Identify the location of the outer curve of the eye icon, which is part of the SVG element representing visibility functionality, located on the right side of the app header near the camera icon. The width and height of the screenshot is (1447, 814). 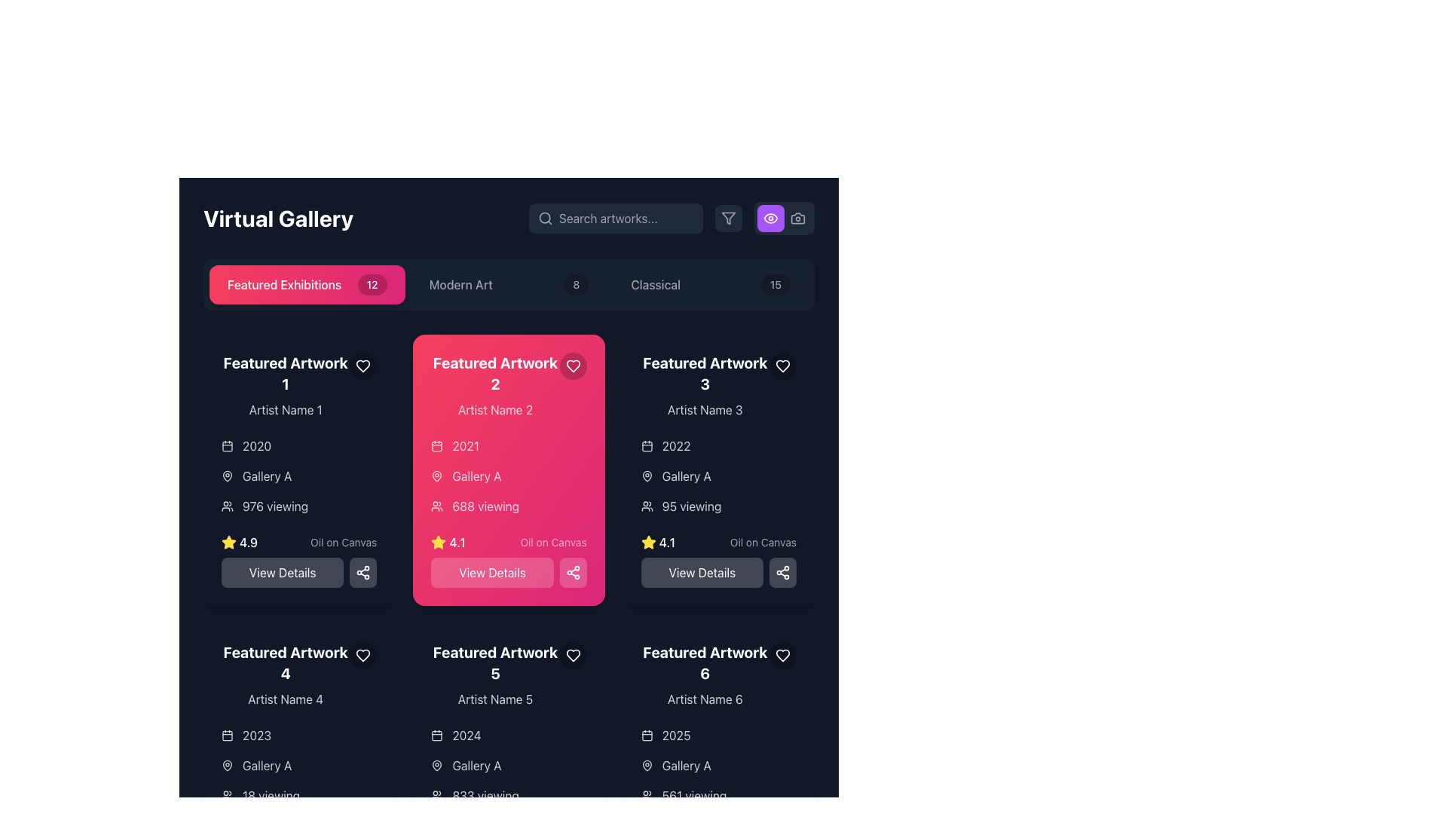
(770, 218).